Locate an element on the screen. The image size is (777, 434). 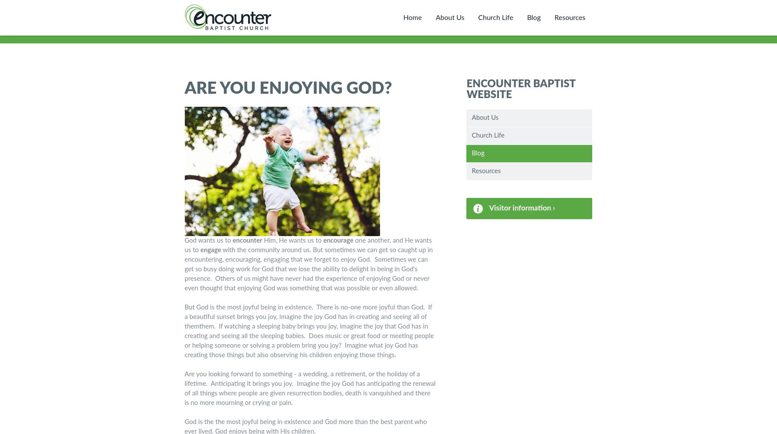
'But God is the most joyful being in existence.  There is no-one more joyful than God.  If a beautiful sunset brings you joy, imagine the joy God has in creating and seeing all of themthem.  If watching a sleeping baby brings you joy, imagine the joy that God has in creating and seeing all the sleeping babies.  Does music or great food or meeting people or helping someone or solving a problem bring you joy?  Imagine what joy God has creating those things but also observing his children enjoying those things.' is located at coordinates (309, 331).